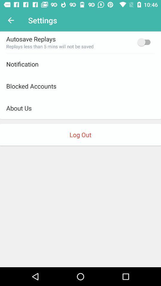 This screenshot has height=286, width=161. What do you see at coordinates (145, 42) in the screenshot?
I see `icon to the right of the replays less than icon` at bounding box center [145, 42].